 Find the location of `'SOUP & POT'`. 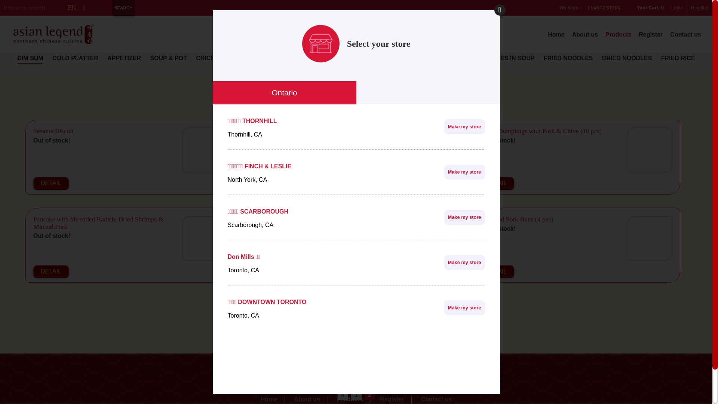

'SOUP & POT' is located at coordinates (168, 58).